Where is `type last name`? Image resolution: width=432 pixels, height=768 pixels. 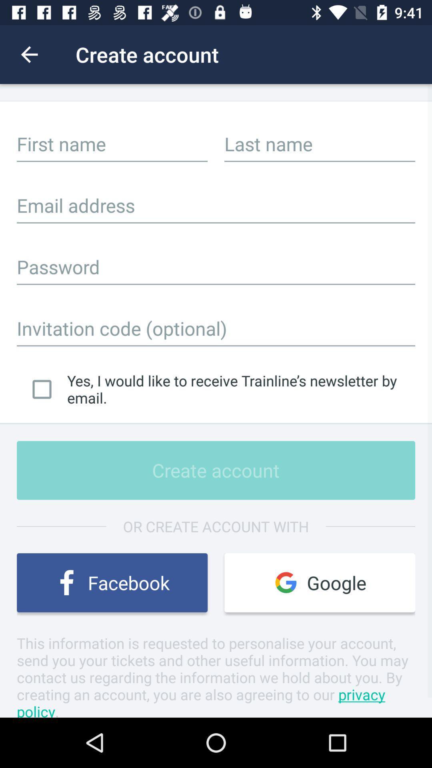 type last name is located at coordinates (319, 144).